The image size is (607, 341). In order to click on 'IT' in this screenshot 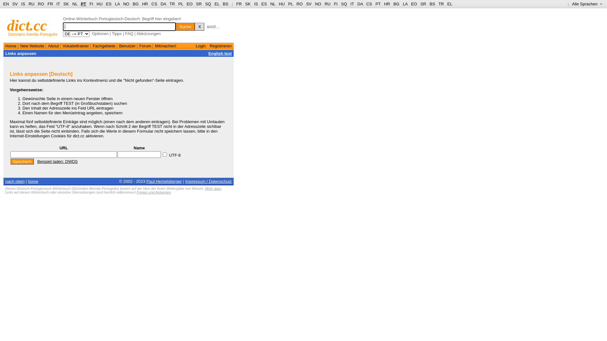, I will do `click(56, 4)`.